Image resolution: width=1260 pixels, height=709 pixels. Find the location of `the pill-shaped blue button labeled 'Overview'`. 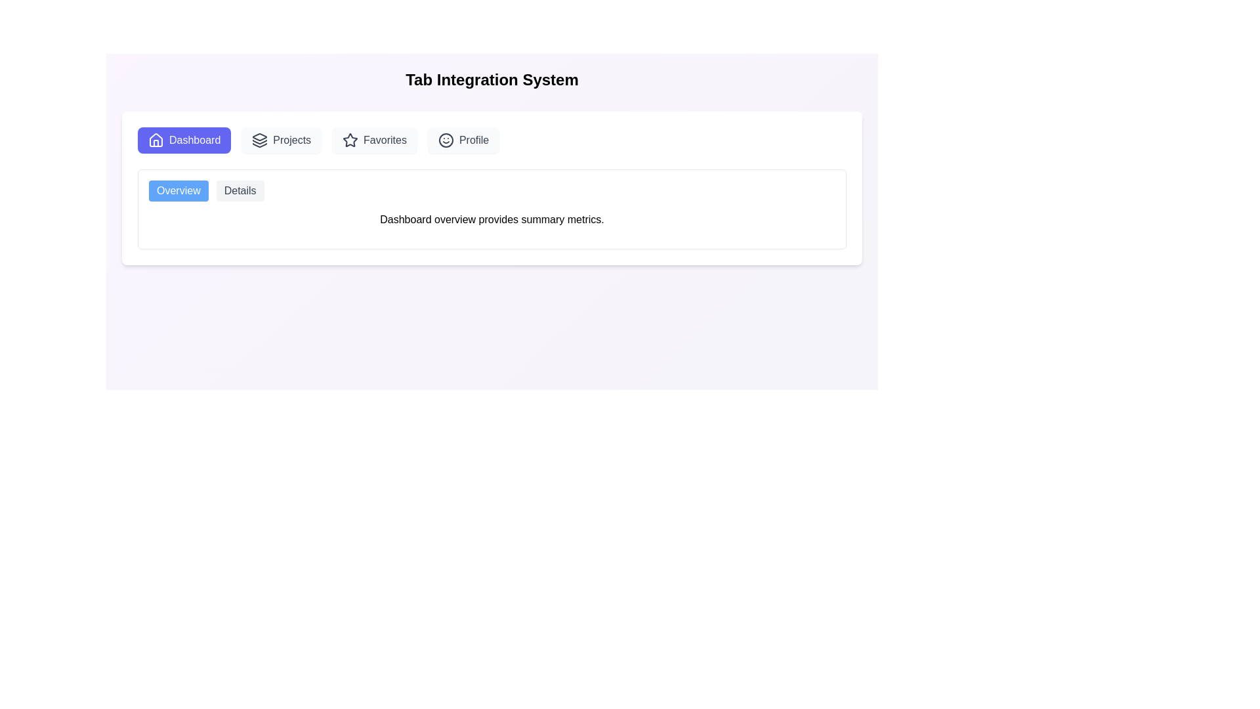

the pill-shaped blue button labeled 'Overview' is located at coordinates (178, 190).